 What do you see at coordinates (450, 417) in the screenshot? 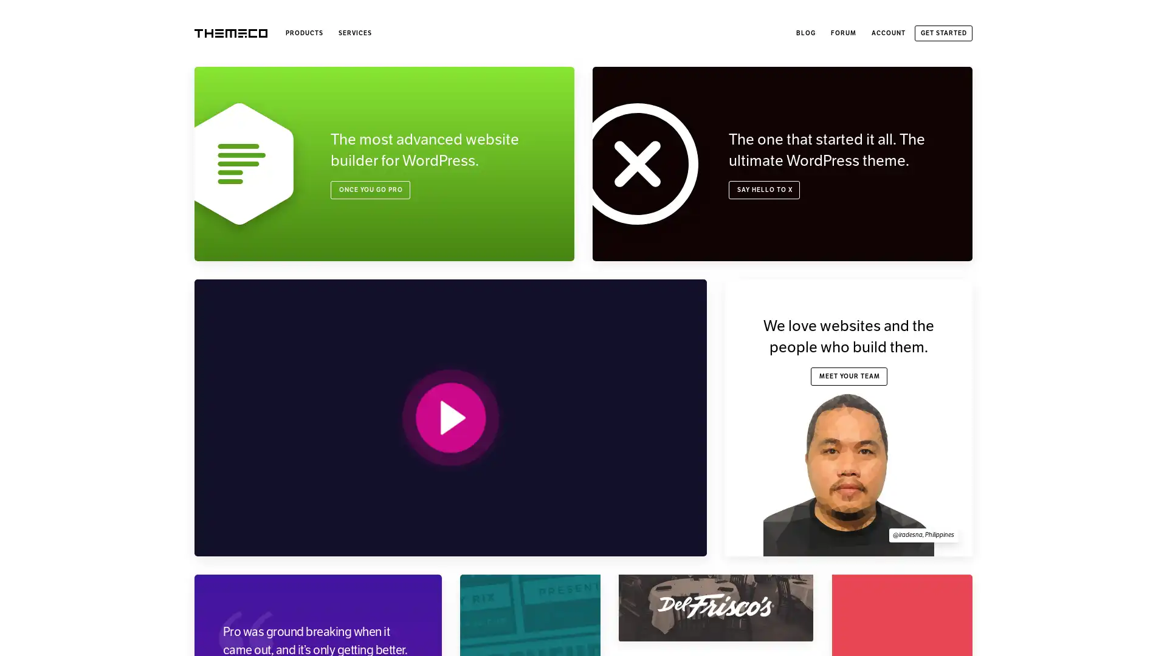
I see `PLAY VIDEO` at bounding box center [450, 417].